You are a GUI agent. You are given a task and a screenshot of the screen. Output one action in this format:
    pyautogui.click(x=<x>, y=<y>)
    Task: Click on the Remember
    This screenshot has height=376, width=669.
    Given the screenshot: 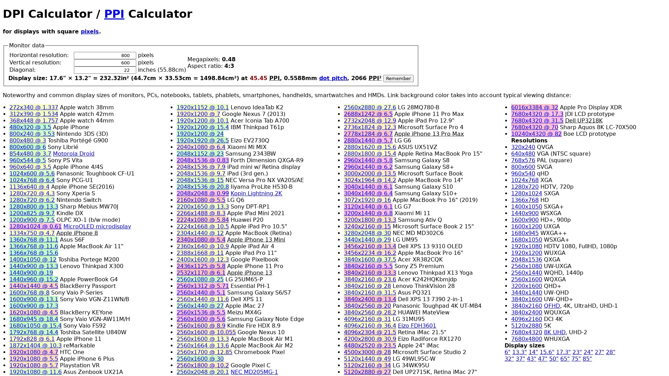 What is the action you would take?
    pyautogui.click(x=398, y=78)
    